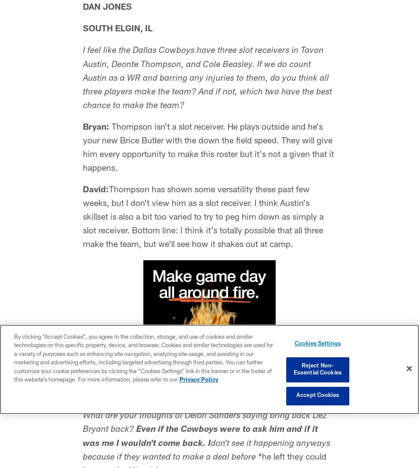 This screenshot has width=419, height=468. I want to click on 'STEPHEN GRAYSONGREENVILLE, MS', so click(159, 402).